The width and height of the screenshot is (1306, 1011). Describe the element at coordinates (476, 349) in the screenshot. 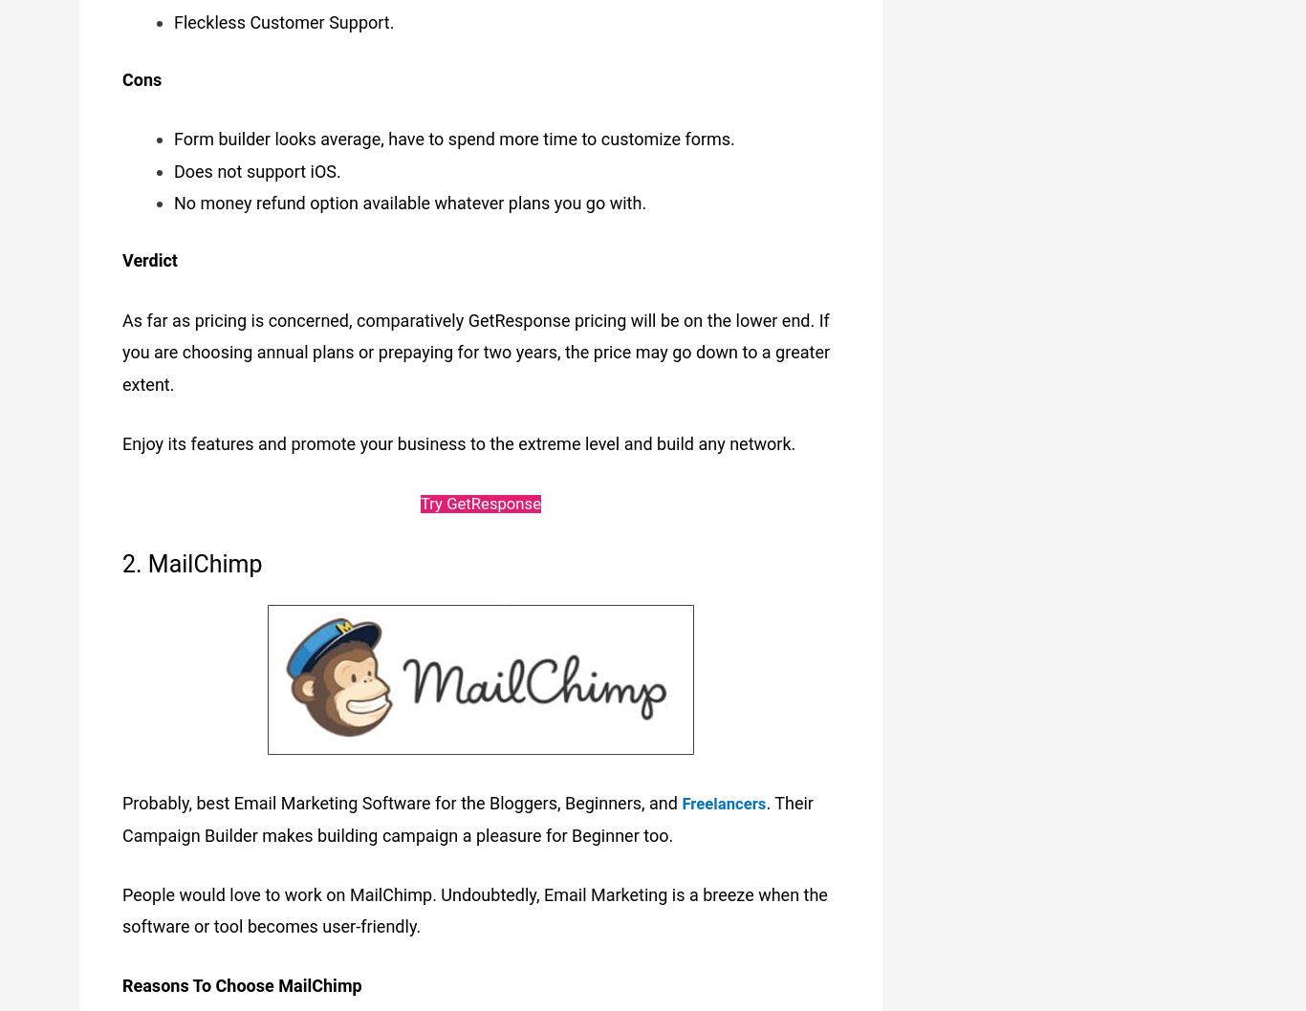

I see `'As far as pricing is concerned, comparatively GetResponse pricing will be on the lower end. If you are choosing annual plans or prepaying for two years, the price may go down to a greater extent.'` at that location.